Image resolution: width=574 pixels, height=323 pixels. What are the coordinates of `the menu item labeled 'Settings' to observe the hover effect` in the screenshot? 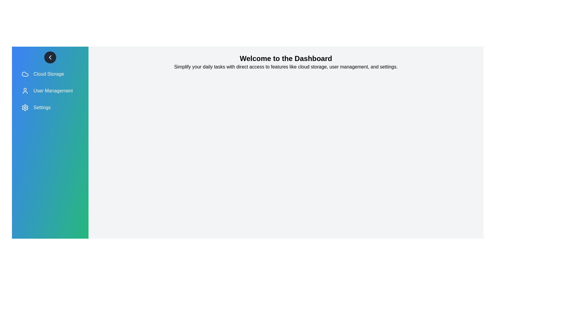 It's located at (50, 107).